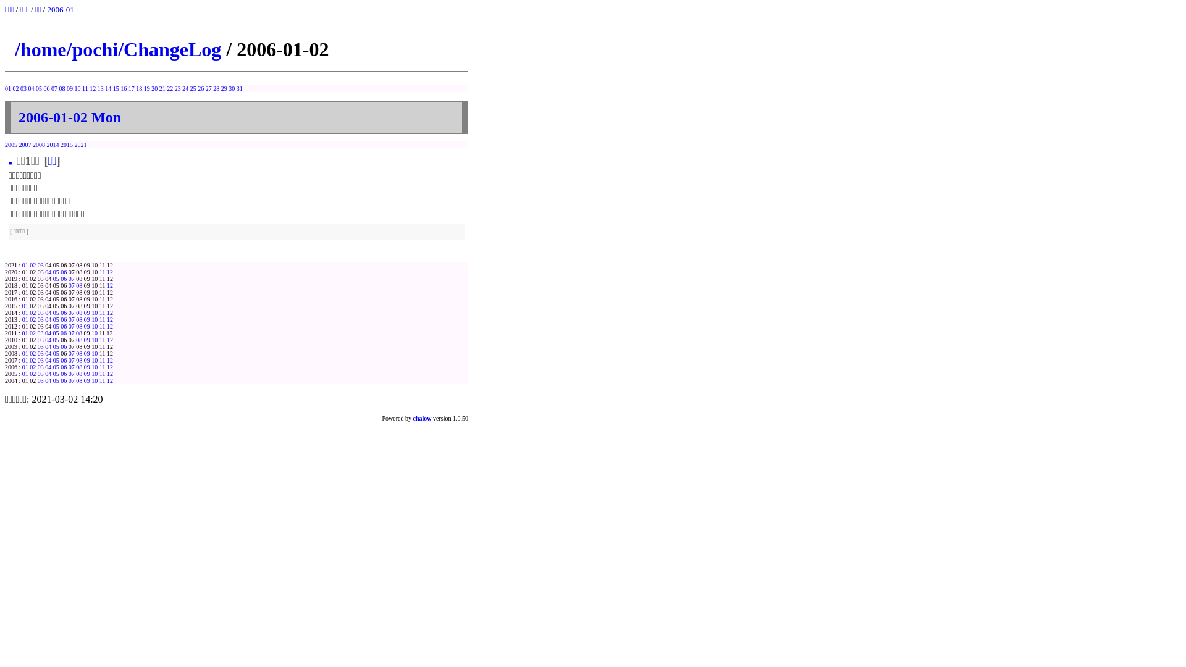 This screenshot has width=1186, height=667. I want to click on '03', so click(41, 319).